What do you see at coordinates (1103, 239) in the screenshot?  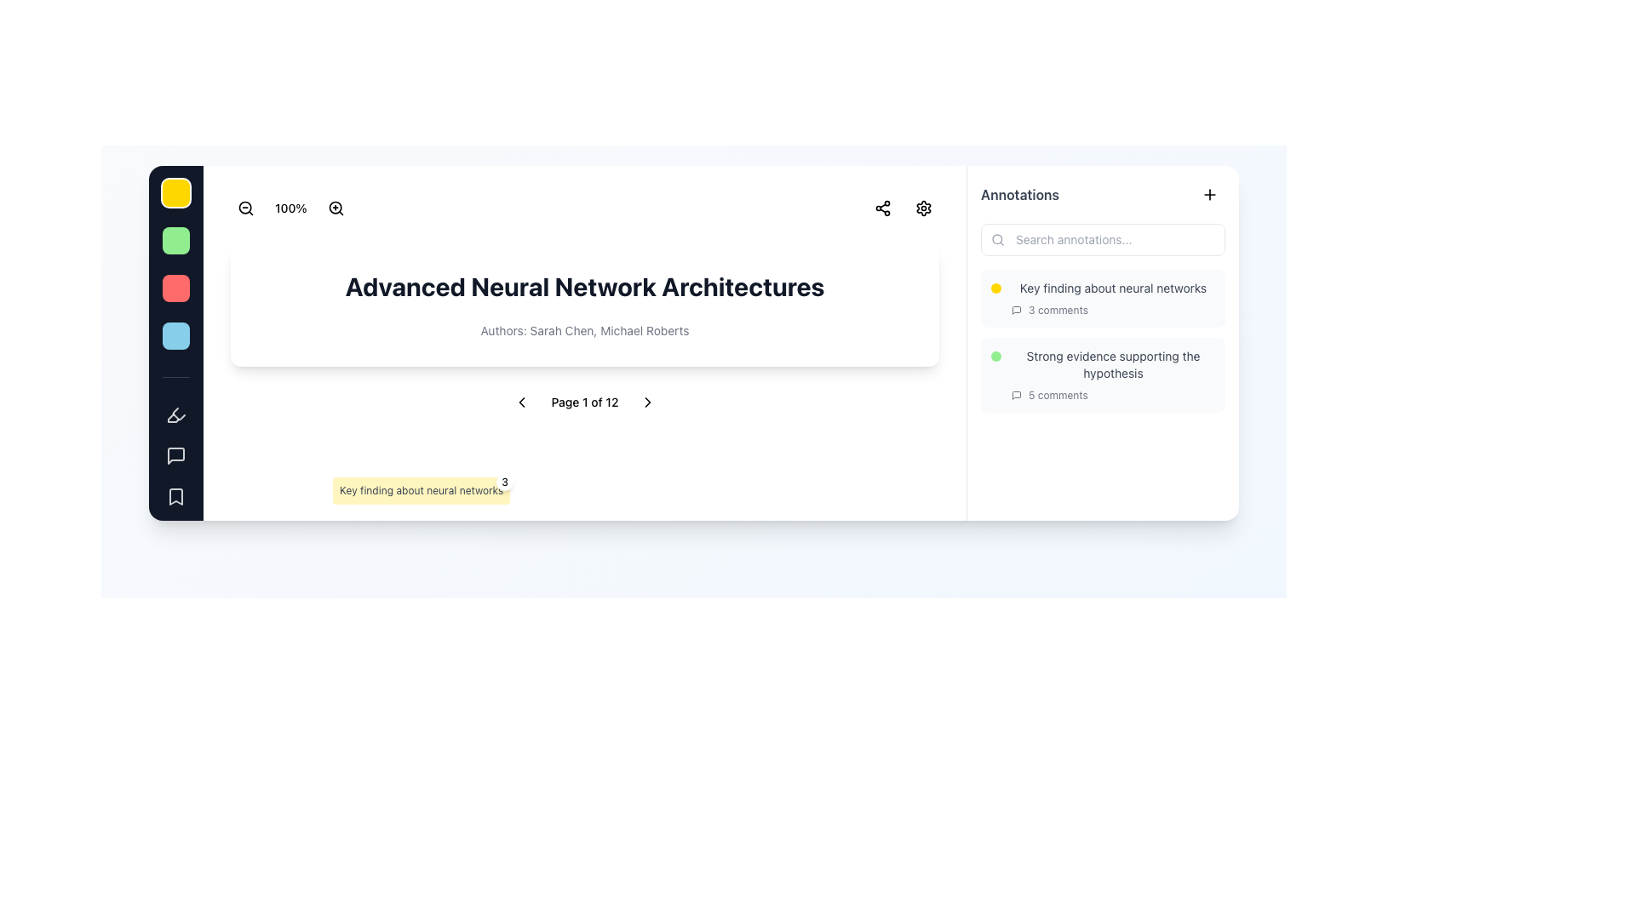 I see `the search input field with placeholder text 'Search annotations...' located below the 'Annotations' heading` at bounding box center [1103, 239].